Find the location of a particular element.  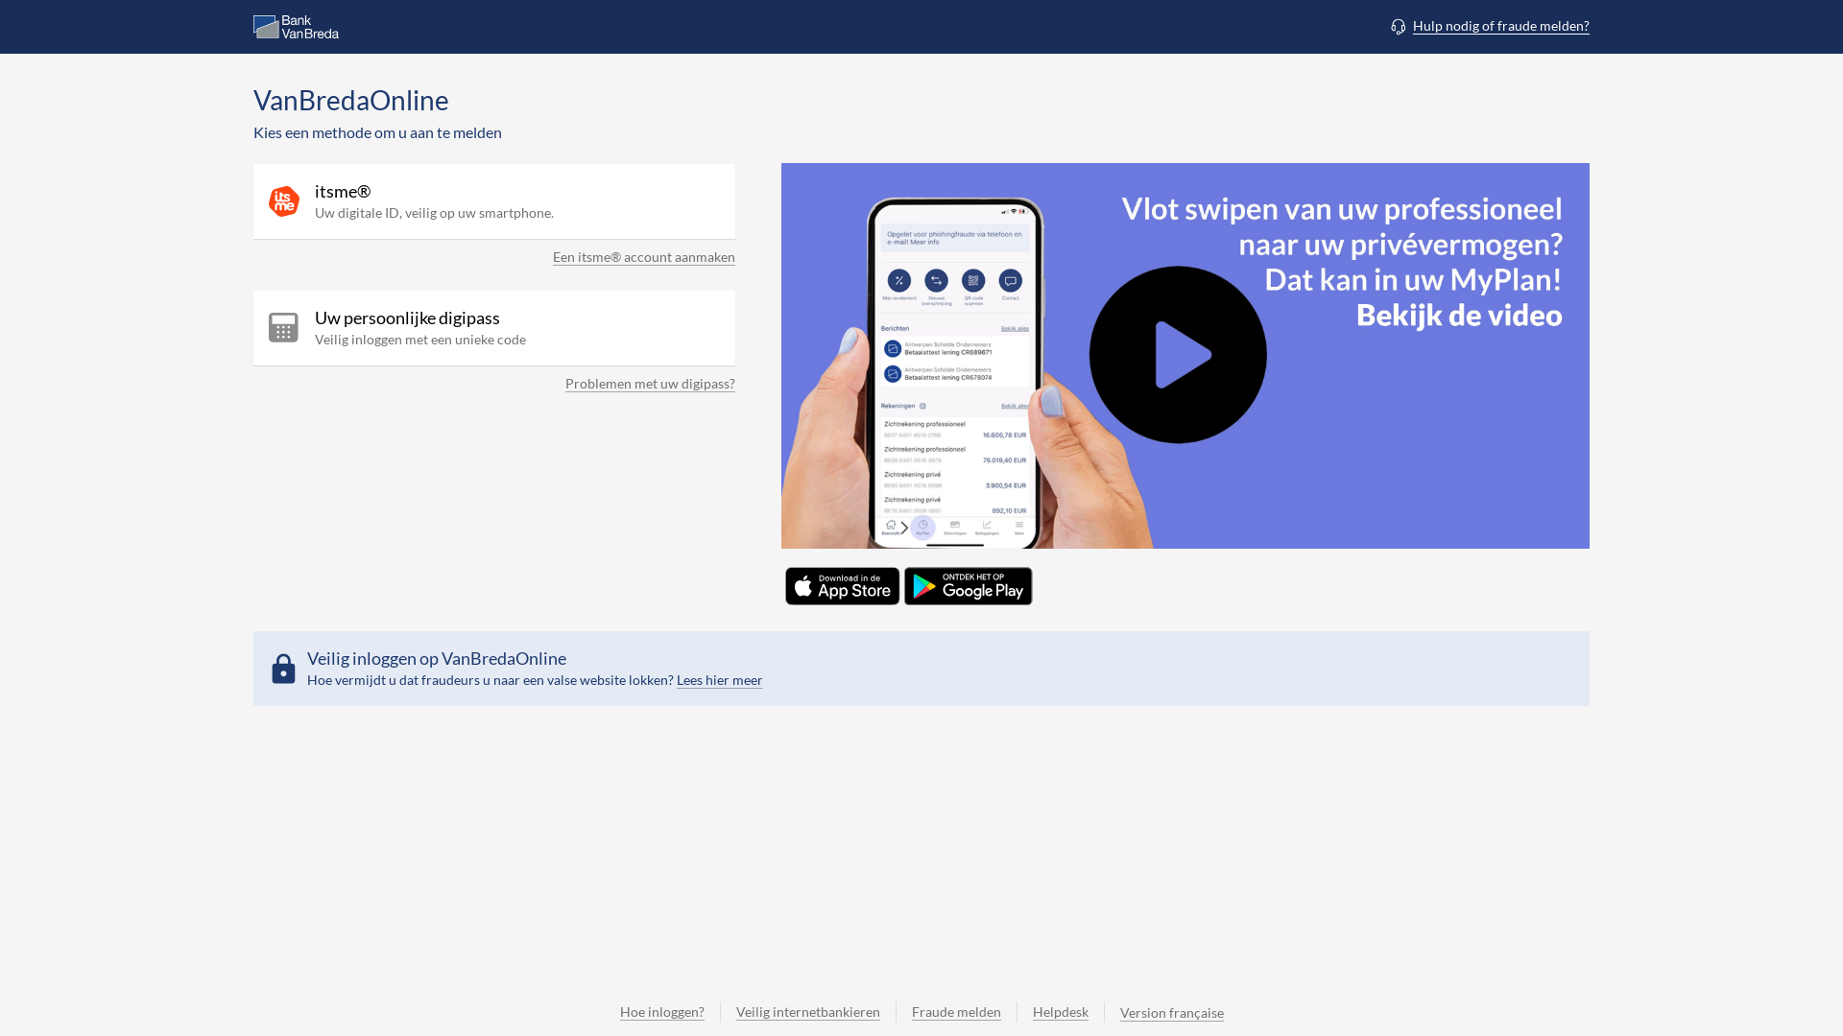

'Lees hier meer' is located at coordinates (718, 679).